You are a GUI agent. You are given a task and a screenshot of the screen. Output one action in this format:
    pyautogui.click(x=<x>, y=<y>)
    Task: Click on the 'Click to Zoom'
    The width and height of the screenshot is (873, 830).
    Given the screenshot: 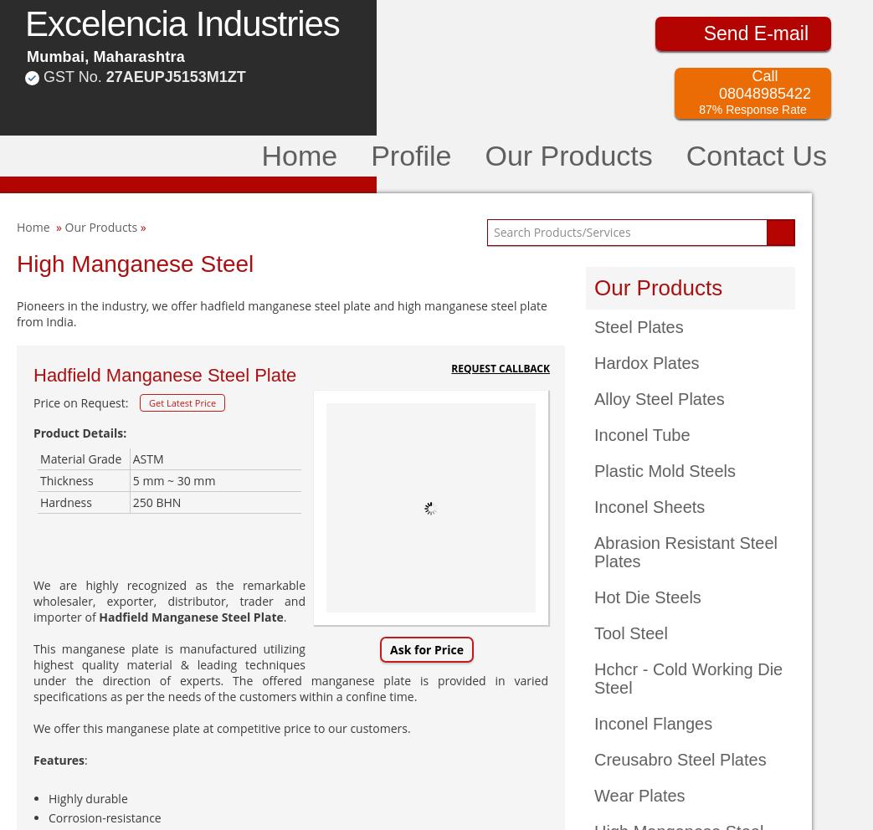 What is the action you would take?
    pyautogui.click(x=429, y=623)
    